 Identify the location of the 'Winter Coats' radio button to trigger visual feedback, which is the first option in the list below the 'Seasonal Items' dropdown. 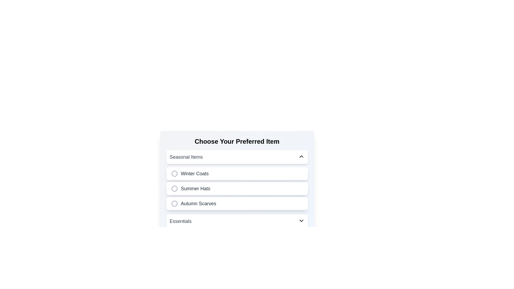
(237, 173).